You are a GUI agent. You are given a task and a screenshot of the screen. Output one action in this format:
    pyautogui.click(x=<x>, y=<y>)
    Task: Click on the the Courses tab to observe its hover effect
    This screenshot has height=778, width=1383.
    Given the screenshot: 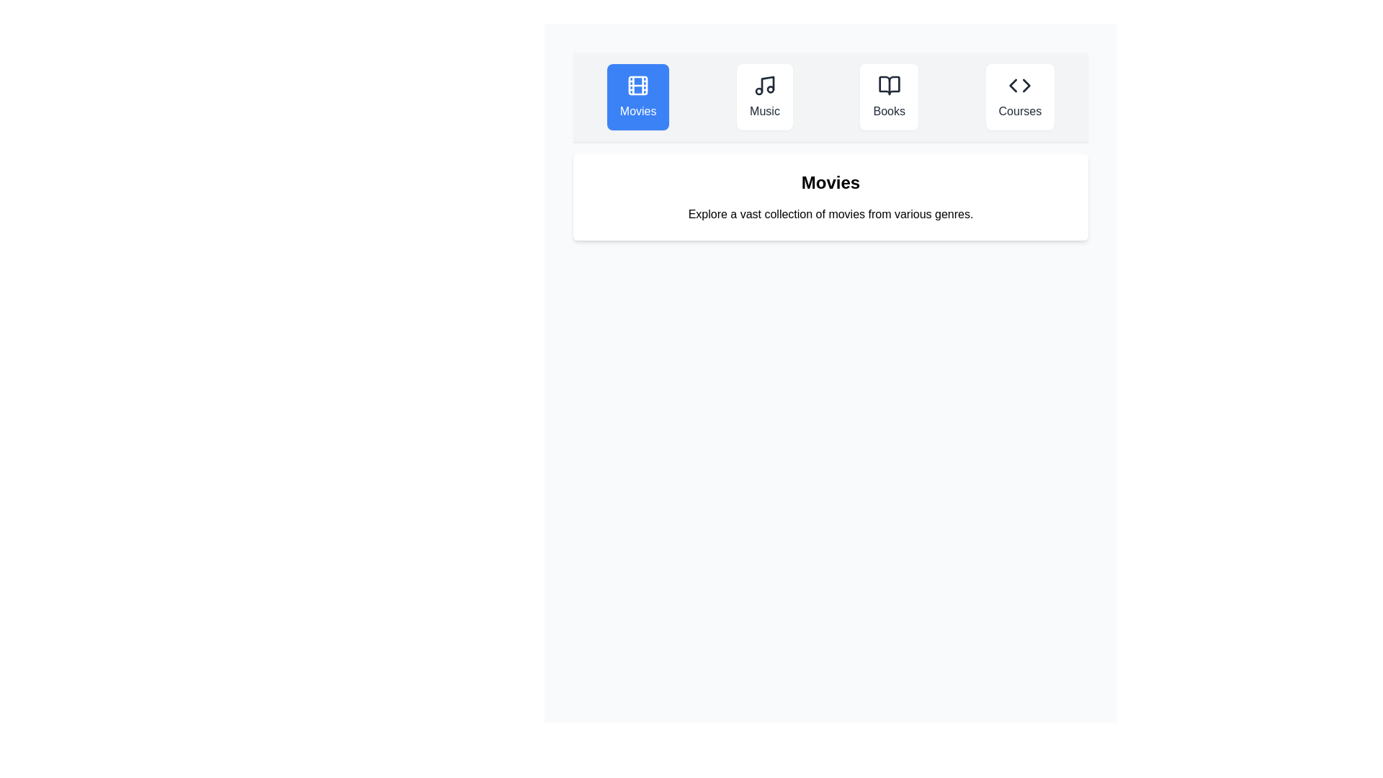 What is the action you would take?
    pyautogui.click(x=1019, y=97)
    